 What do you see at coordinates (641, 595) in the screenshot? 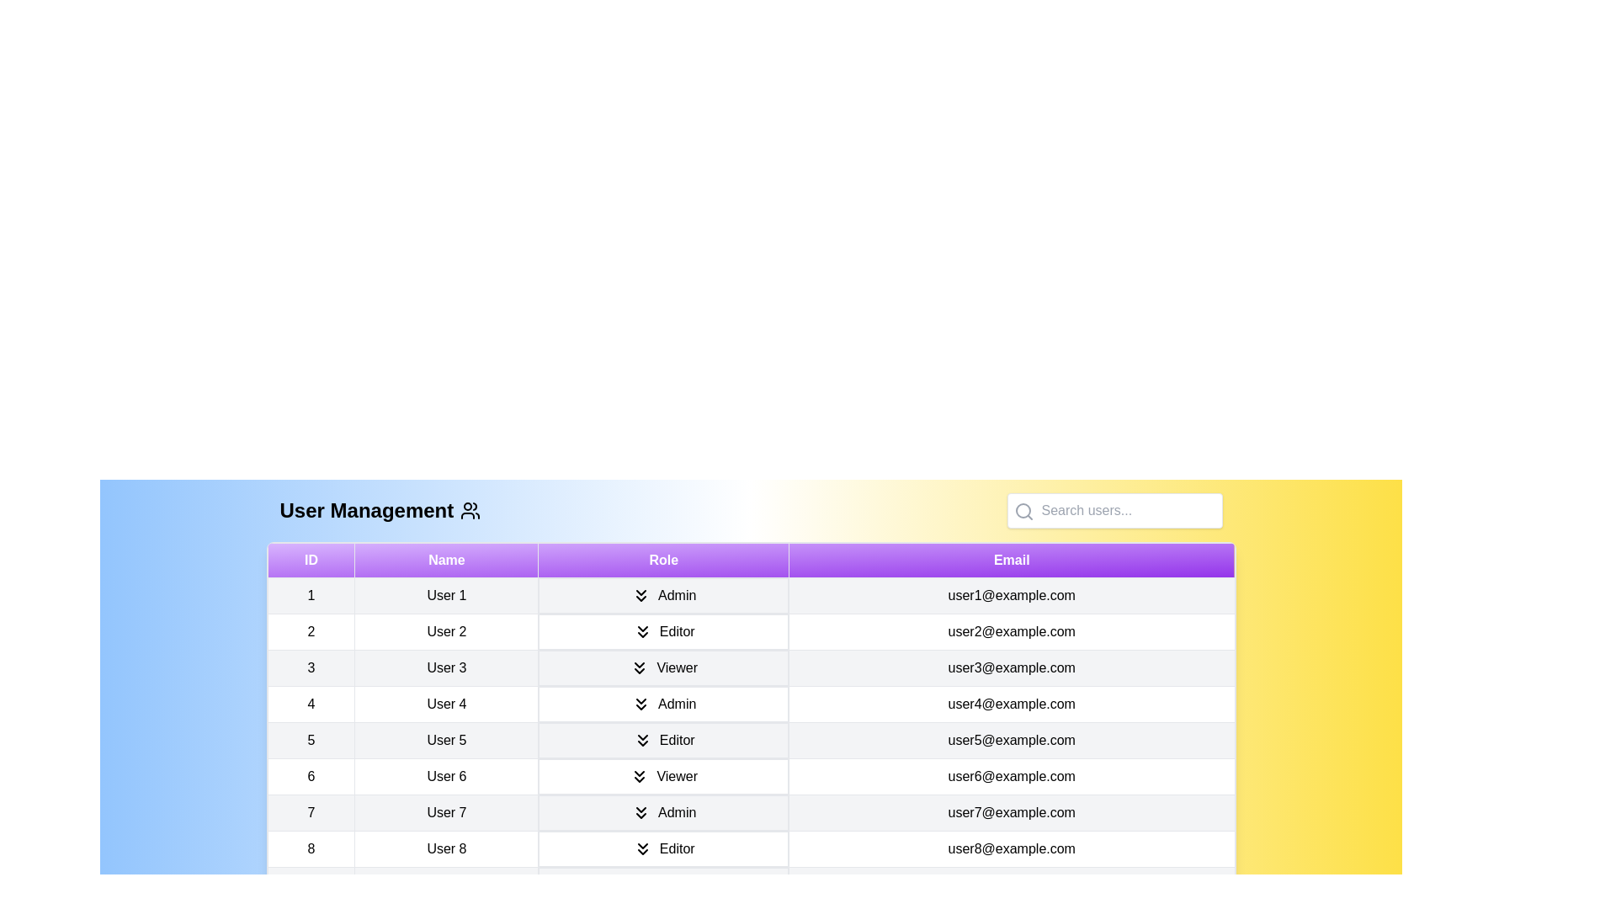
I see `the chevrons icon to trigger its interaction` at bounding box center [641, 595].